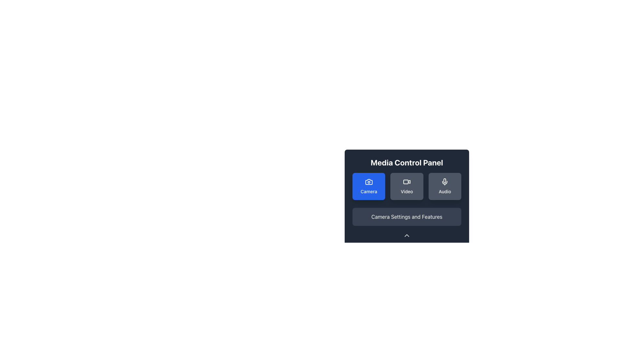 The width and height of the screenshot is (622, 349). Describe the element at coordinates (407, 237) in the screenshot. I see `the small upward-pointing chevron icon styled in gray located at the bottom center of the Media Control Panel interface` at that location.